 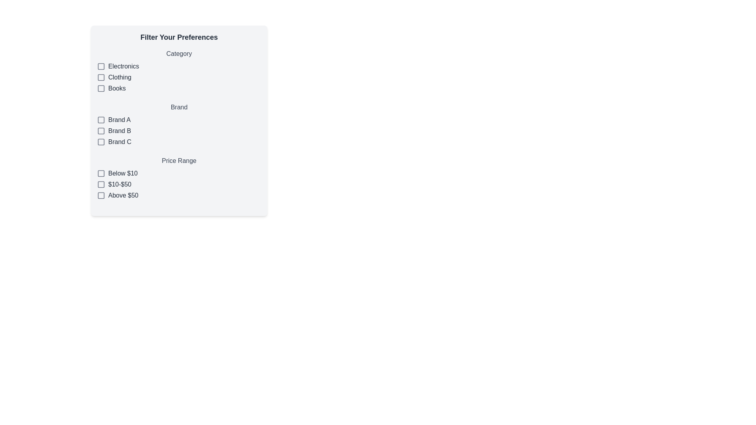 I want to click on the 'Above $50' label, which is styled in gray and serves as the text label for a checkbox under the 'Price Range' category, so click(x=123, y=195).